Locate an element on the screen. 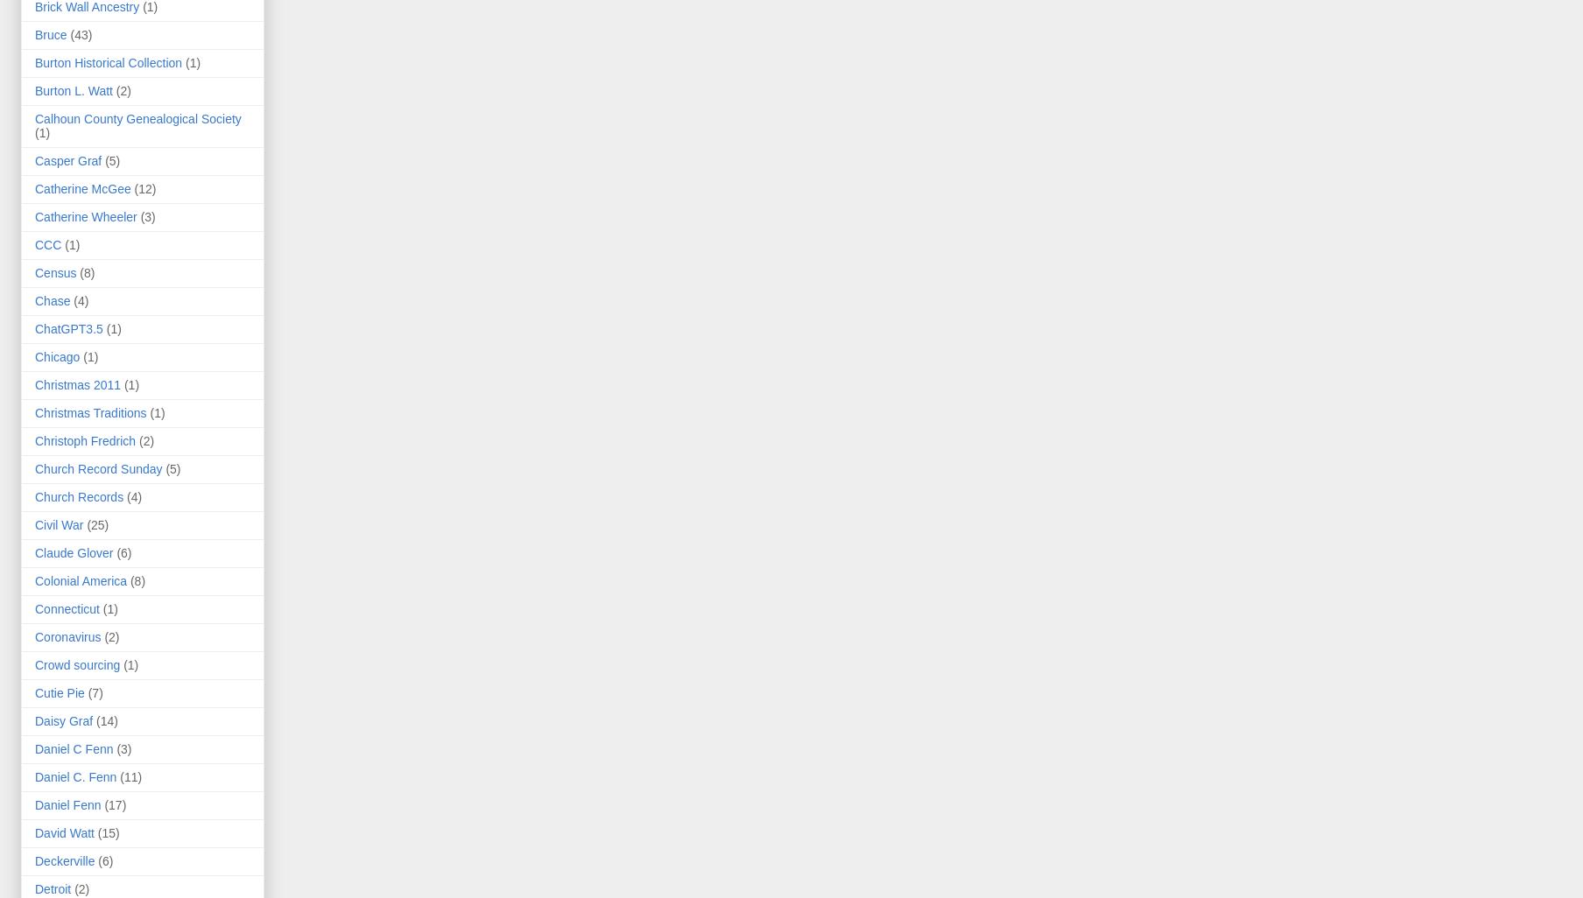 The width and height of the screenshot is (1583, 898). 'Christmas 2011' is located at coordinates (76, 384).